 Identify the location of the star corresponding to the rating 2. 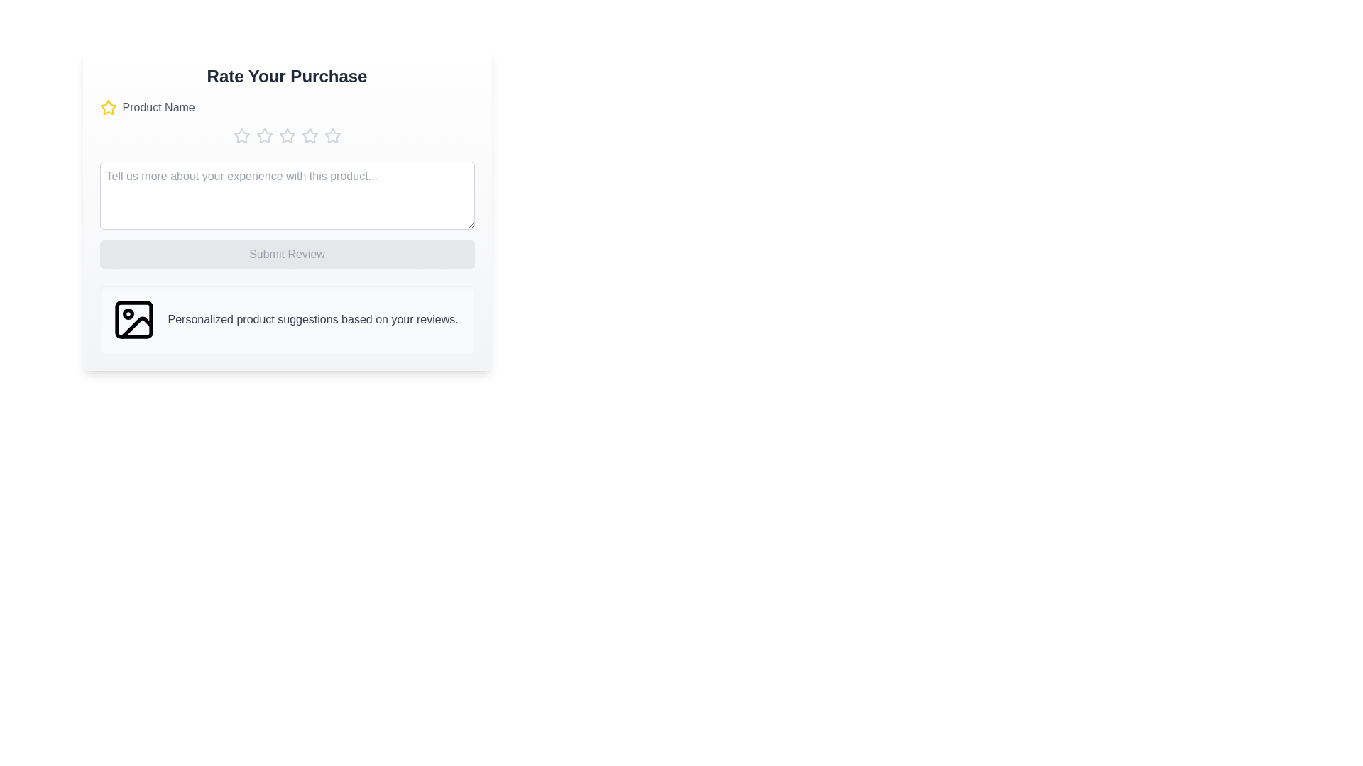
(264, 136).